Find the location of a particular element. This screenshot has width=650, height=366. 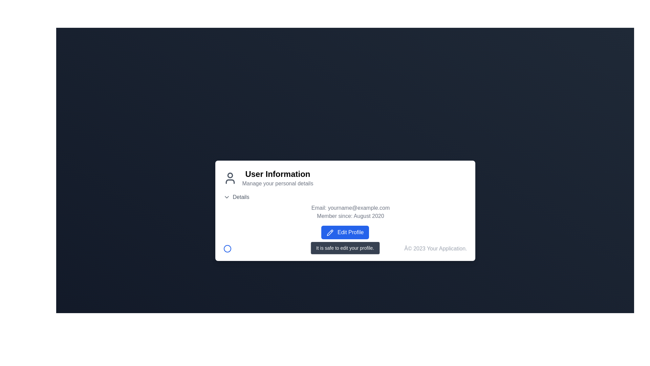

the user profile icon located to the left of the 'User Information' and 'Manage your personal details' text is located at coordinates (230, 178).